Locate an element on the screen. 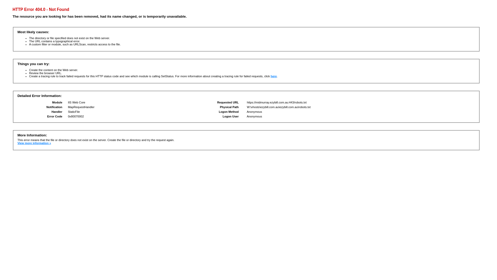  'here' is located at coordinates (273, 76).